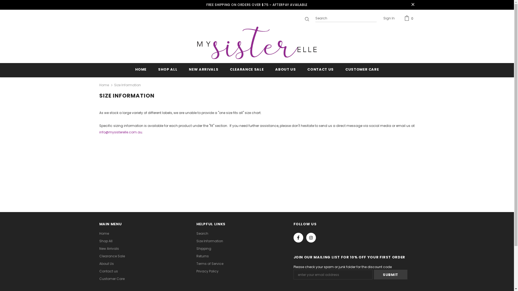  I want to click on 'New Arrivals', so click(109, 248).